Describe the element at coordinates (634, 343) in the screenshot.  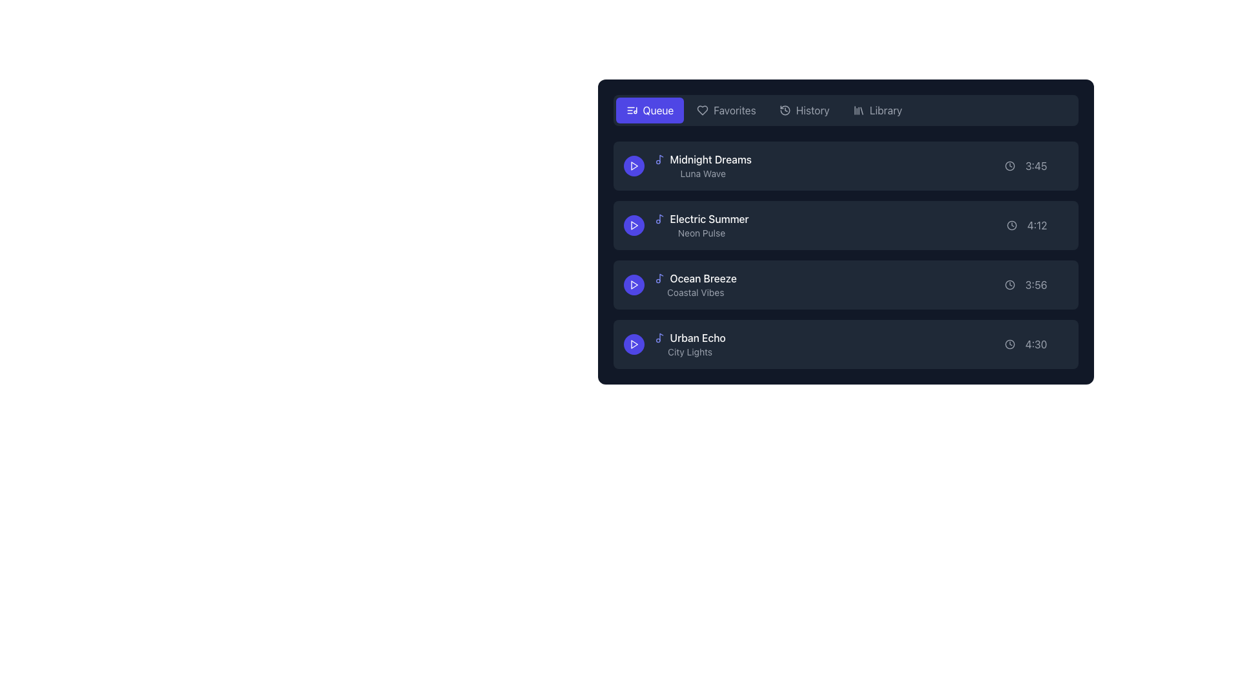
I see `the Play icon located in the leftmost section of the fourth music track 'Urban Echo'` at that location.